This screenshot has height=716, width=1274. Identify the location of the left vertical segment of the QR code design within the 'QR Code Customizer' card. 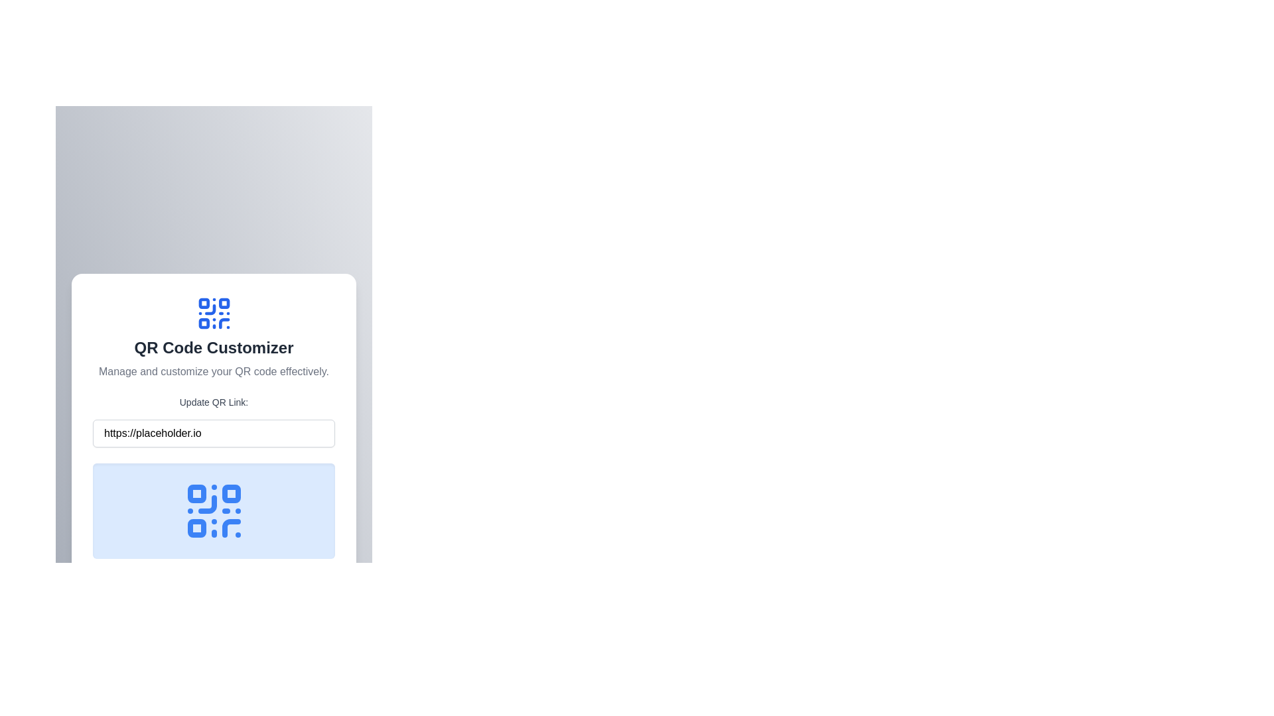
(209, 310).